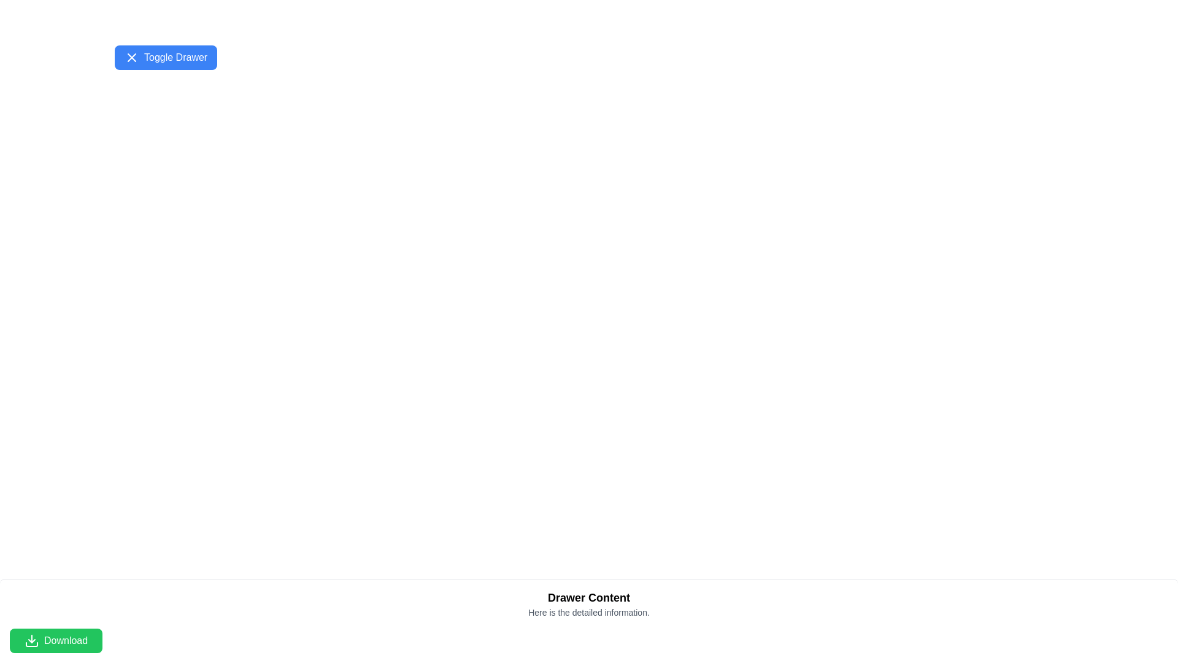 The height and width of the screenshot is (663, 1178). I want to click on the blue 'Toggle Drawer' button located in the upper-left area of the interface, which has a rounded rectangular shape and white text, so click(165, 57).